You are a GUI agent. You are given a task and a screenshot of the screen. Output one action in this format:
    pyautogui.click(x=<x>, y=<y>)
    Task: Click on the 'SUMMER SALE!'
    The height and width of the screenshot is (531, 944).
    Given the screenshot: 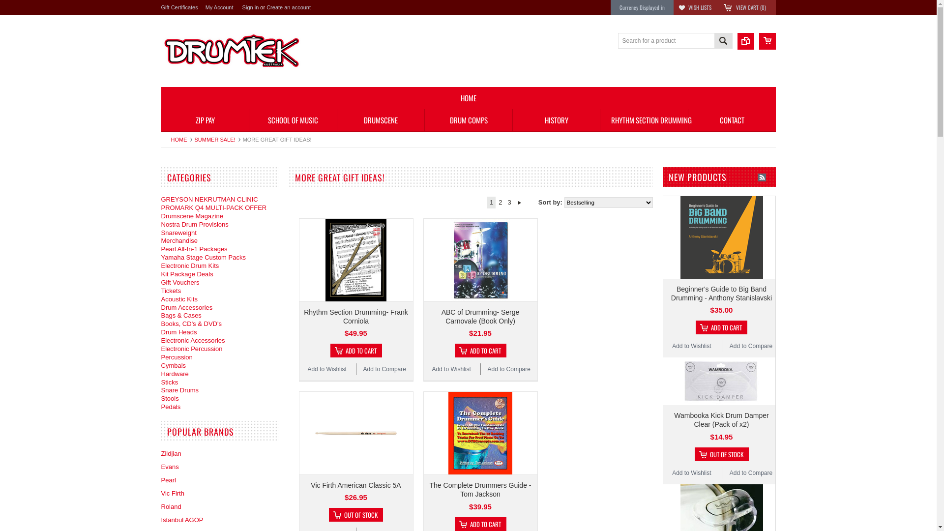 What is the action you would take?
    pyautogui.click(x=217, y=140)
    